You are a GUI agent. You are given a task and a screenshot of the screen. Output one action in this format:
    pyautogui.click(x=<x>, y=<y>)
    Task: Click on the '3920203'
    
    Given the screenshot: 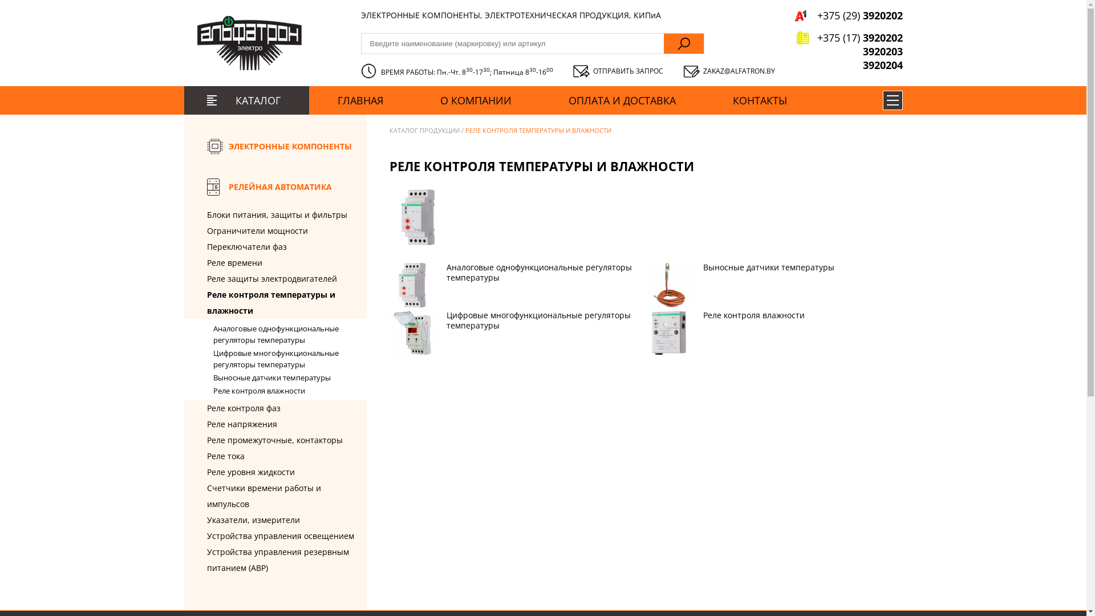 What is the action you would take?
    pyautogui.click(x=848, y=50)
    